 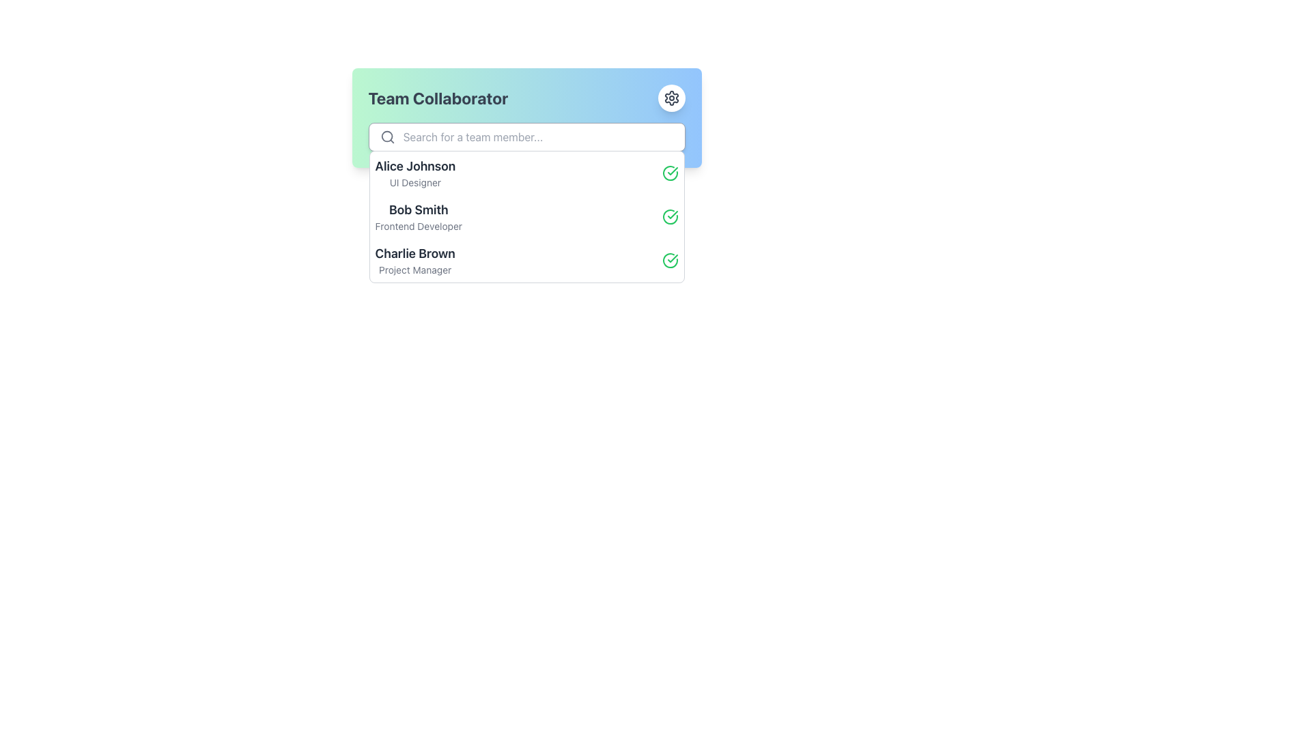 I want to click on the text element providing the professional designation for team member 'Charlie Brown', located below the name 'Charlie Brown' in the dropdown panel, so click(x=414, y=270).